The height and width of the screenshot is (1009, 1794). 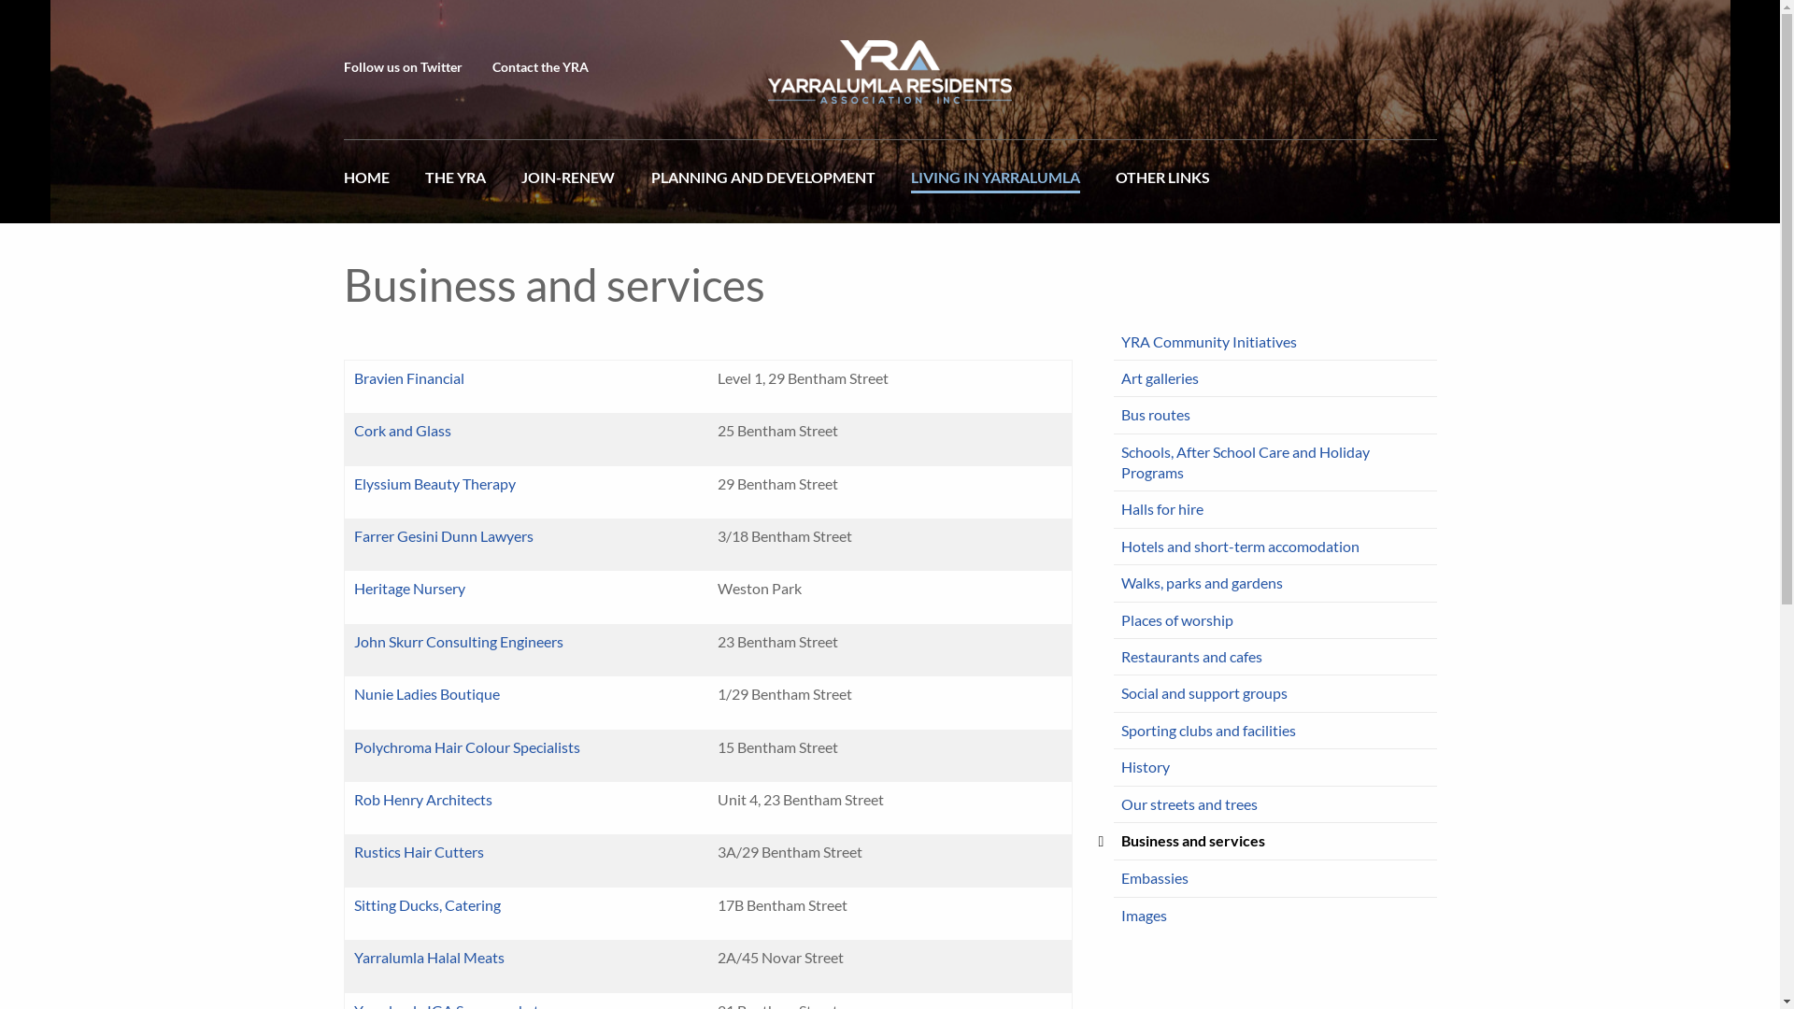 I want to click on 'Images', so click(x=1274, y=914).